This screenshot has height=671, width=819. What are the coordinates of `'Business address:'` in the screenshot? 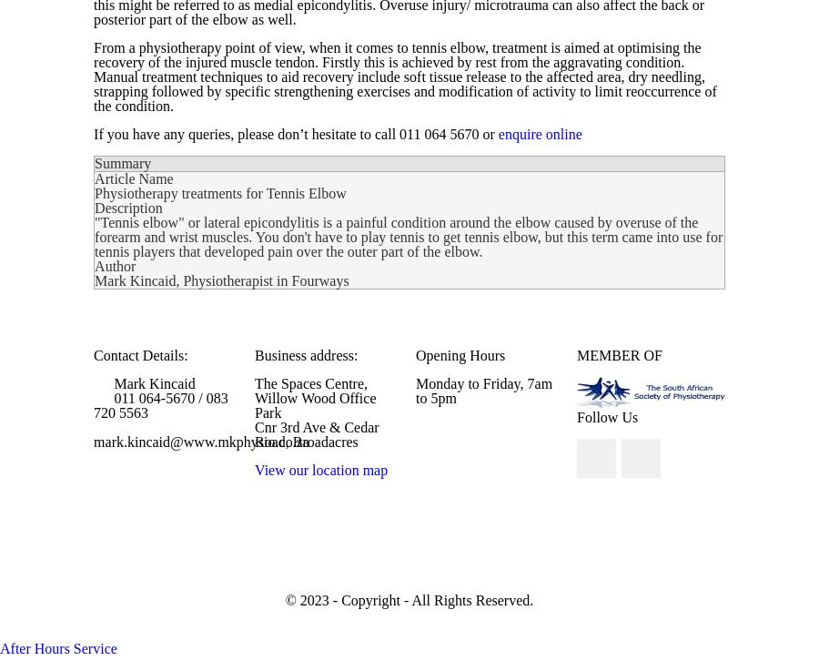 It's located at (253, 355).